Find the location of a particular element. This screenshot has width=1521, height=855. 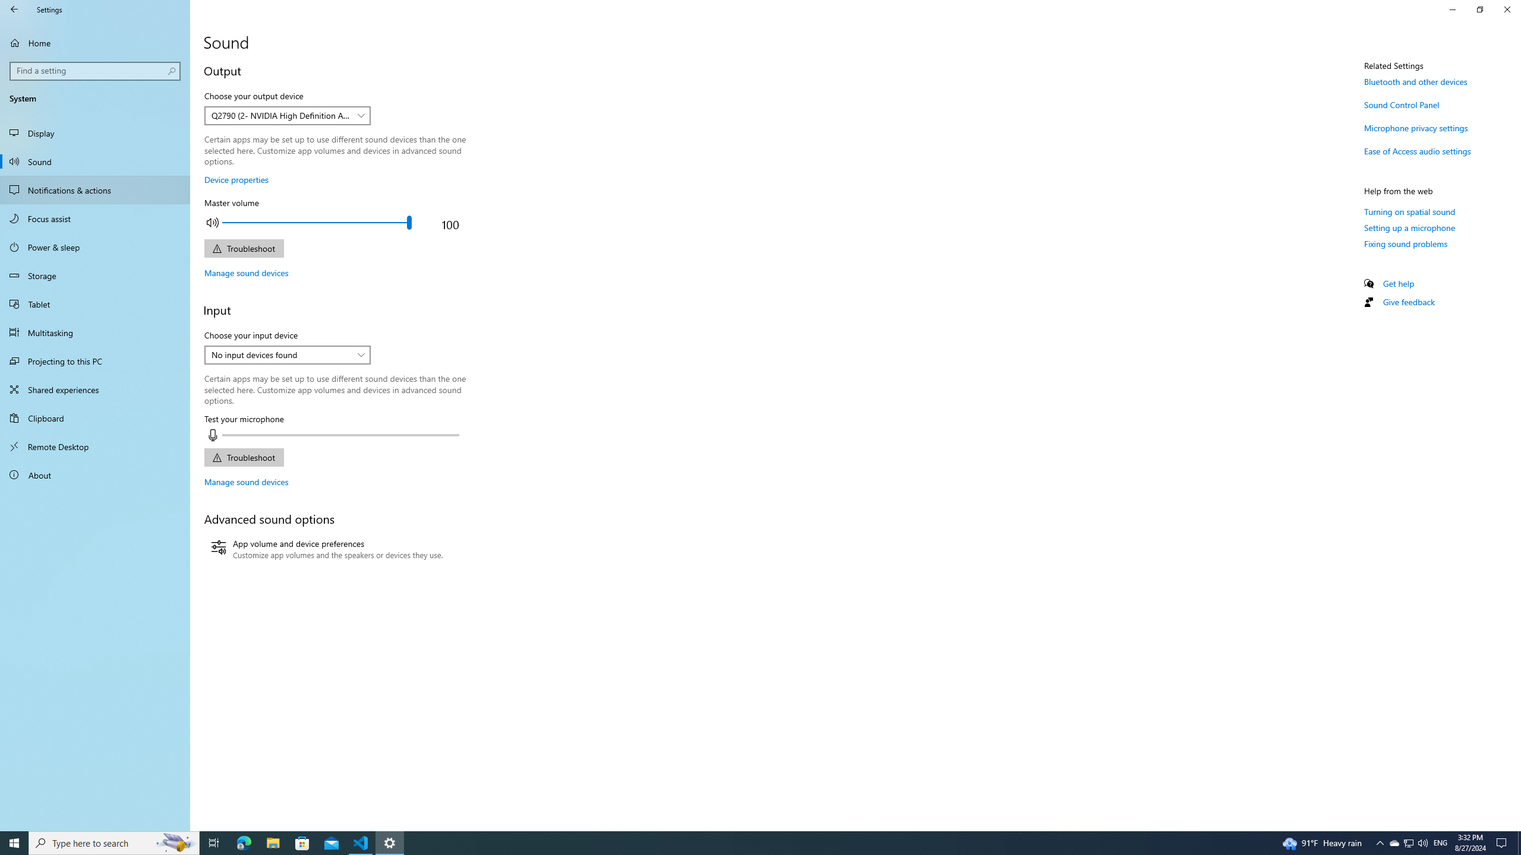

'Minimize Settings' is located at coordinates (1451, 9).